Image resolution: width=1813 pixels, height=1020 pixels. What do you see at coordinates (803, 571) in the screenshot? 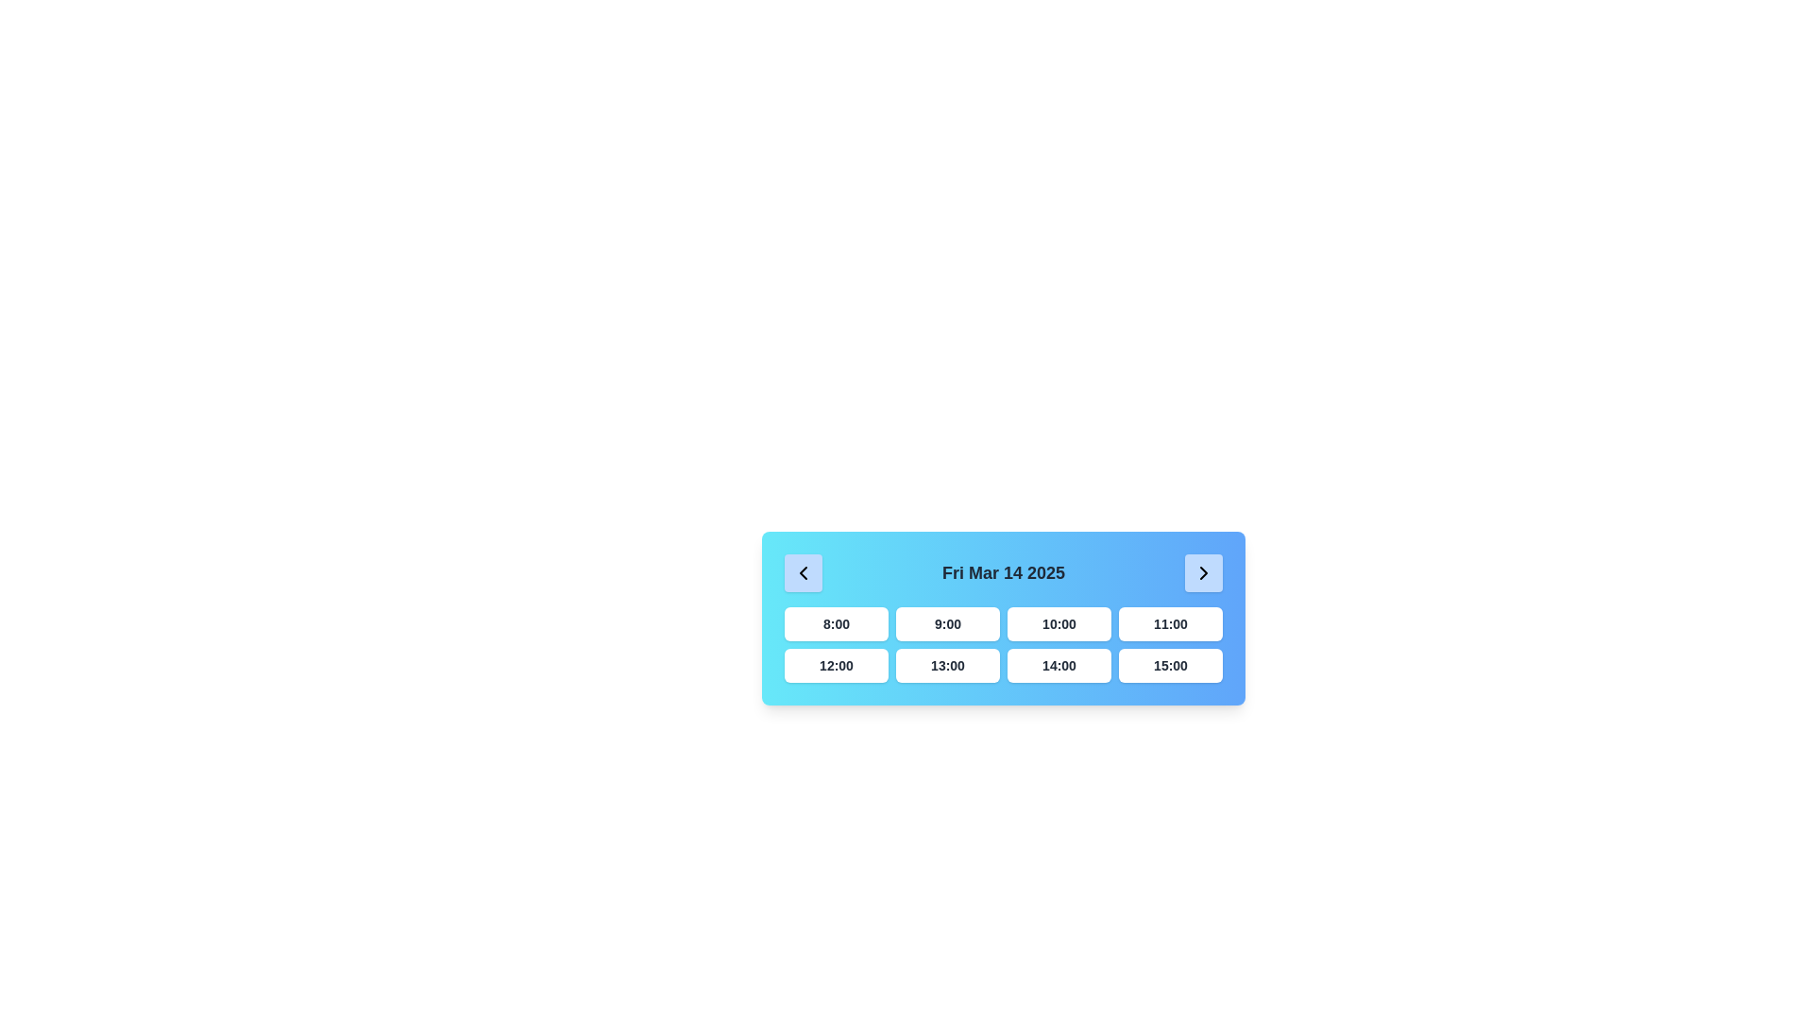
I see `the small, rounded rectangular light blue button with a left-pointing chevron icon` at bounding box center [803, 571].